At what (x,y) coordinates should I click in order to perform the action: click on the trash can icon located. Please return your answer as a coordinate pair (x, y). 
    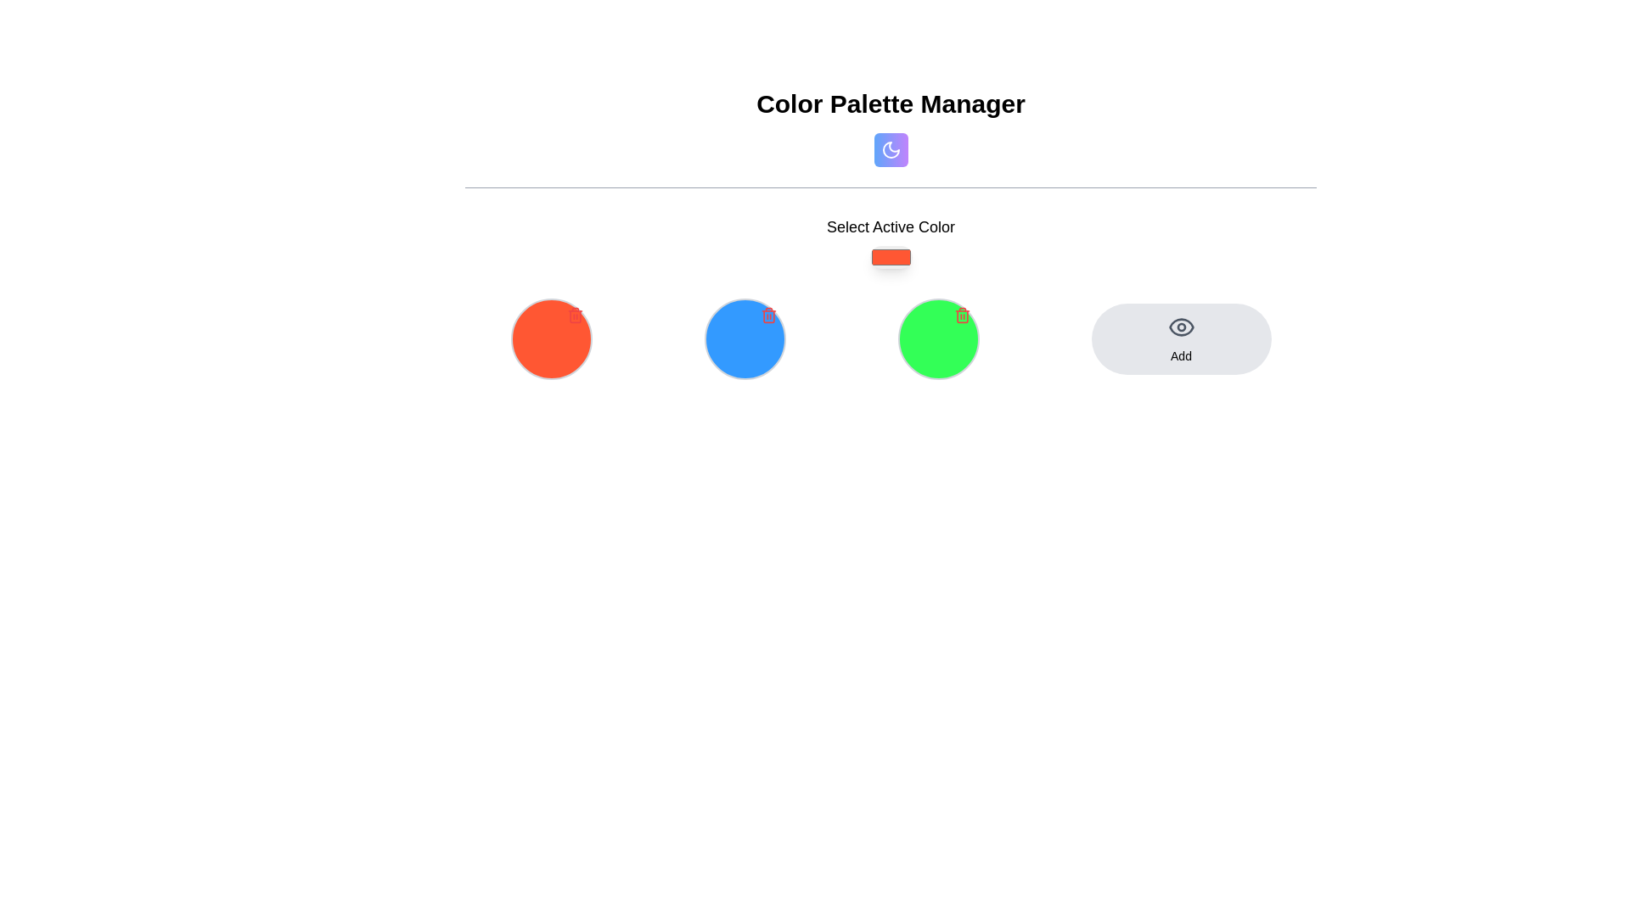
    Looking at the image, I should click on (767, 315).